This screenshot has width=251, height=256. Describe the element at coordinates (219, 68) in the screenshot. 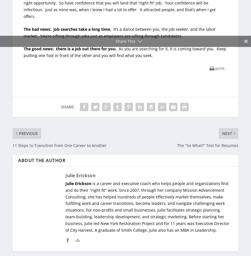

I see `'print'` at that location.